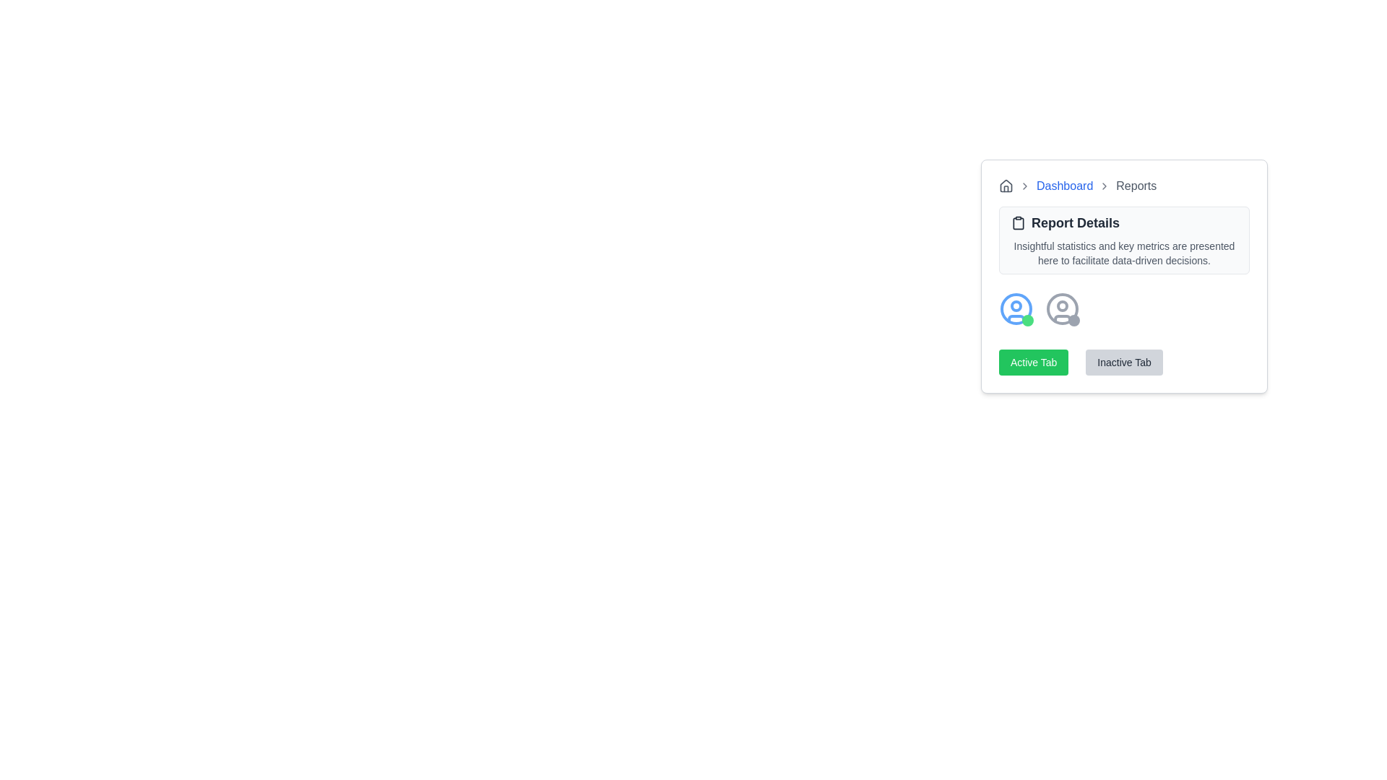 The width and height of the screenshot is (1387, 780). Describe the element at coordinates (1064, 186) in the screenshot. I see `the second visible interactive hyperlink in the breadcrumb navigation structure` at that location.